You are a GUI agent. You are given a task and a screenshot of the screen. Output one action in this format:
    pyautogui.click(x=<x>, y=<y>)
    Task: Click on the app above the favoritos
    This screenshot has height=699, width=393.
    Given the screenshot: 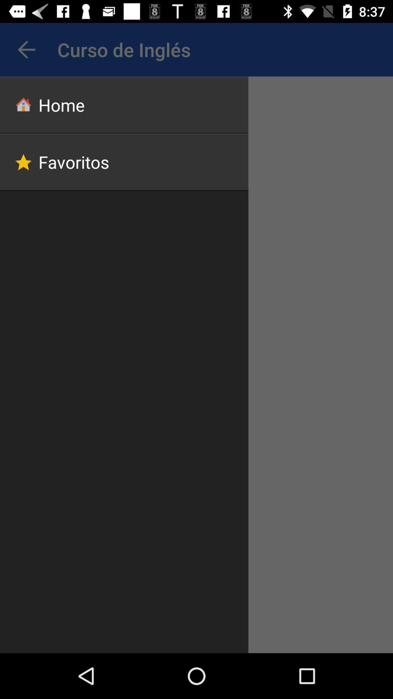 What is the action you would take?
    pyautogui.click(x=124, y=104)
    